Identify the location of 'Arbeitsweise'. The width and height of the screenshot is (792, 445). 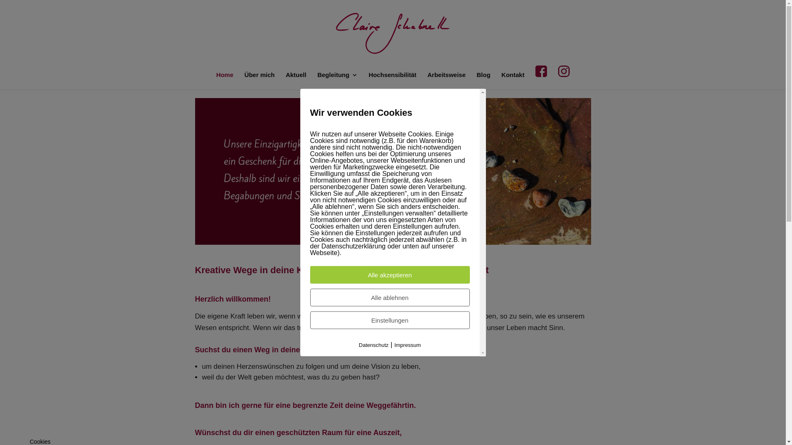
(446, 81).